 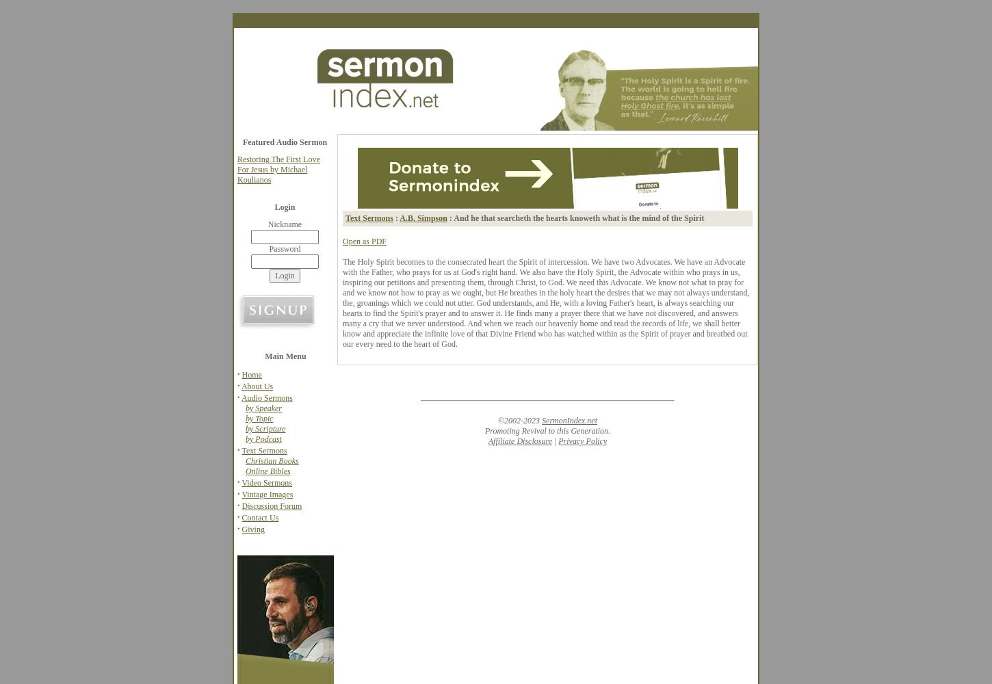 What do you see at coordinates (519, 420) in the screenshot?
I see `'©2002-2023'` at bounding box center [519, 420].